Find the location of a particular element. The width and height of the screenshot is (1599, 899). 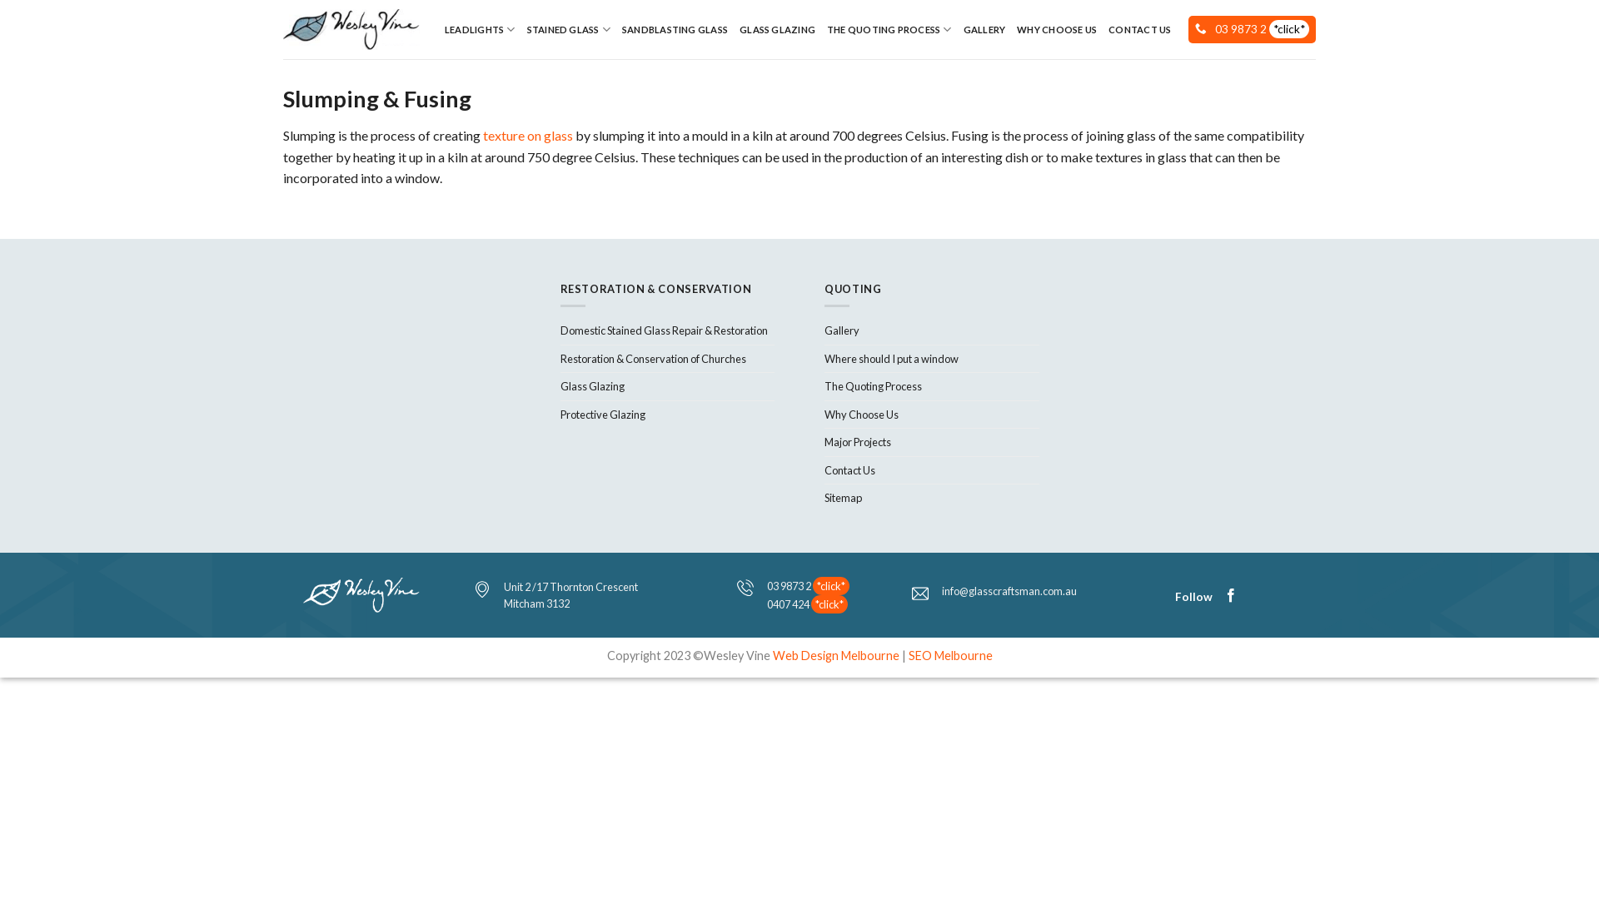

'WHY CHOOSE US' is located at coordinates (1055, 29).